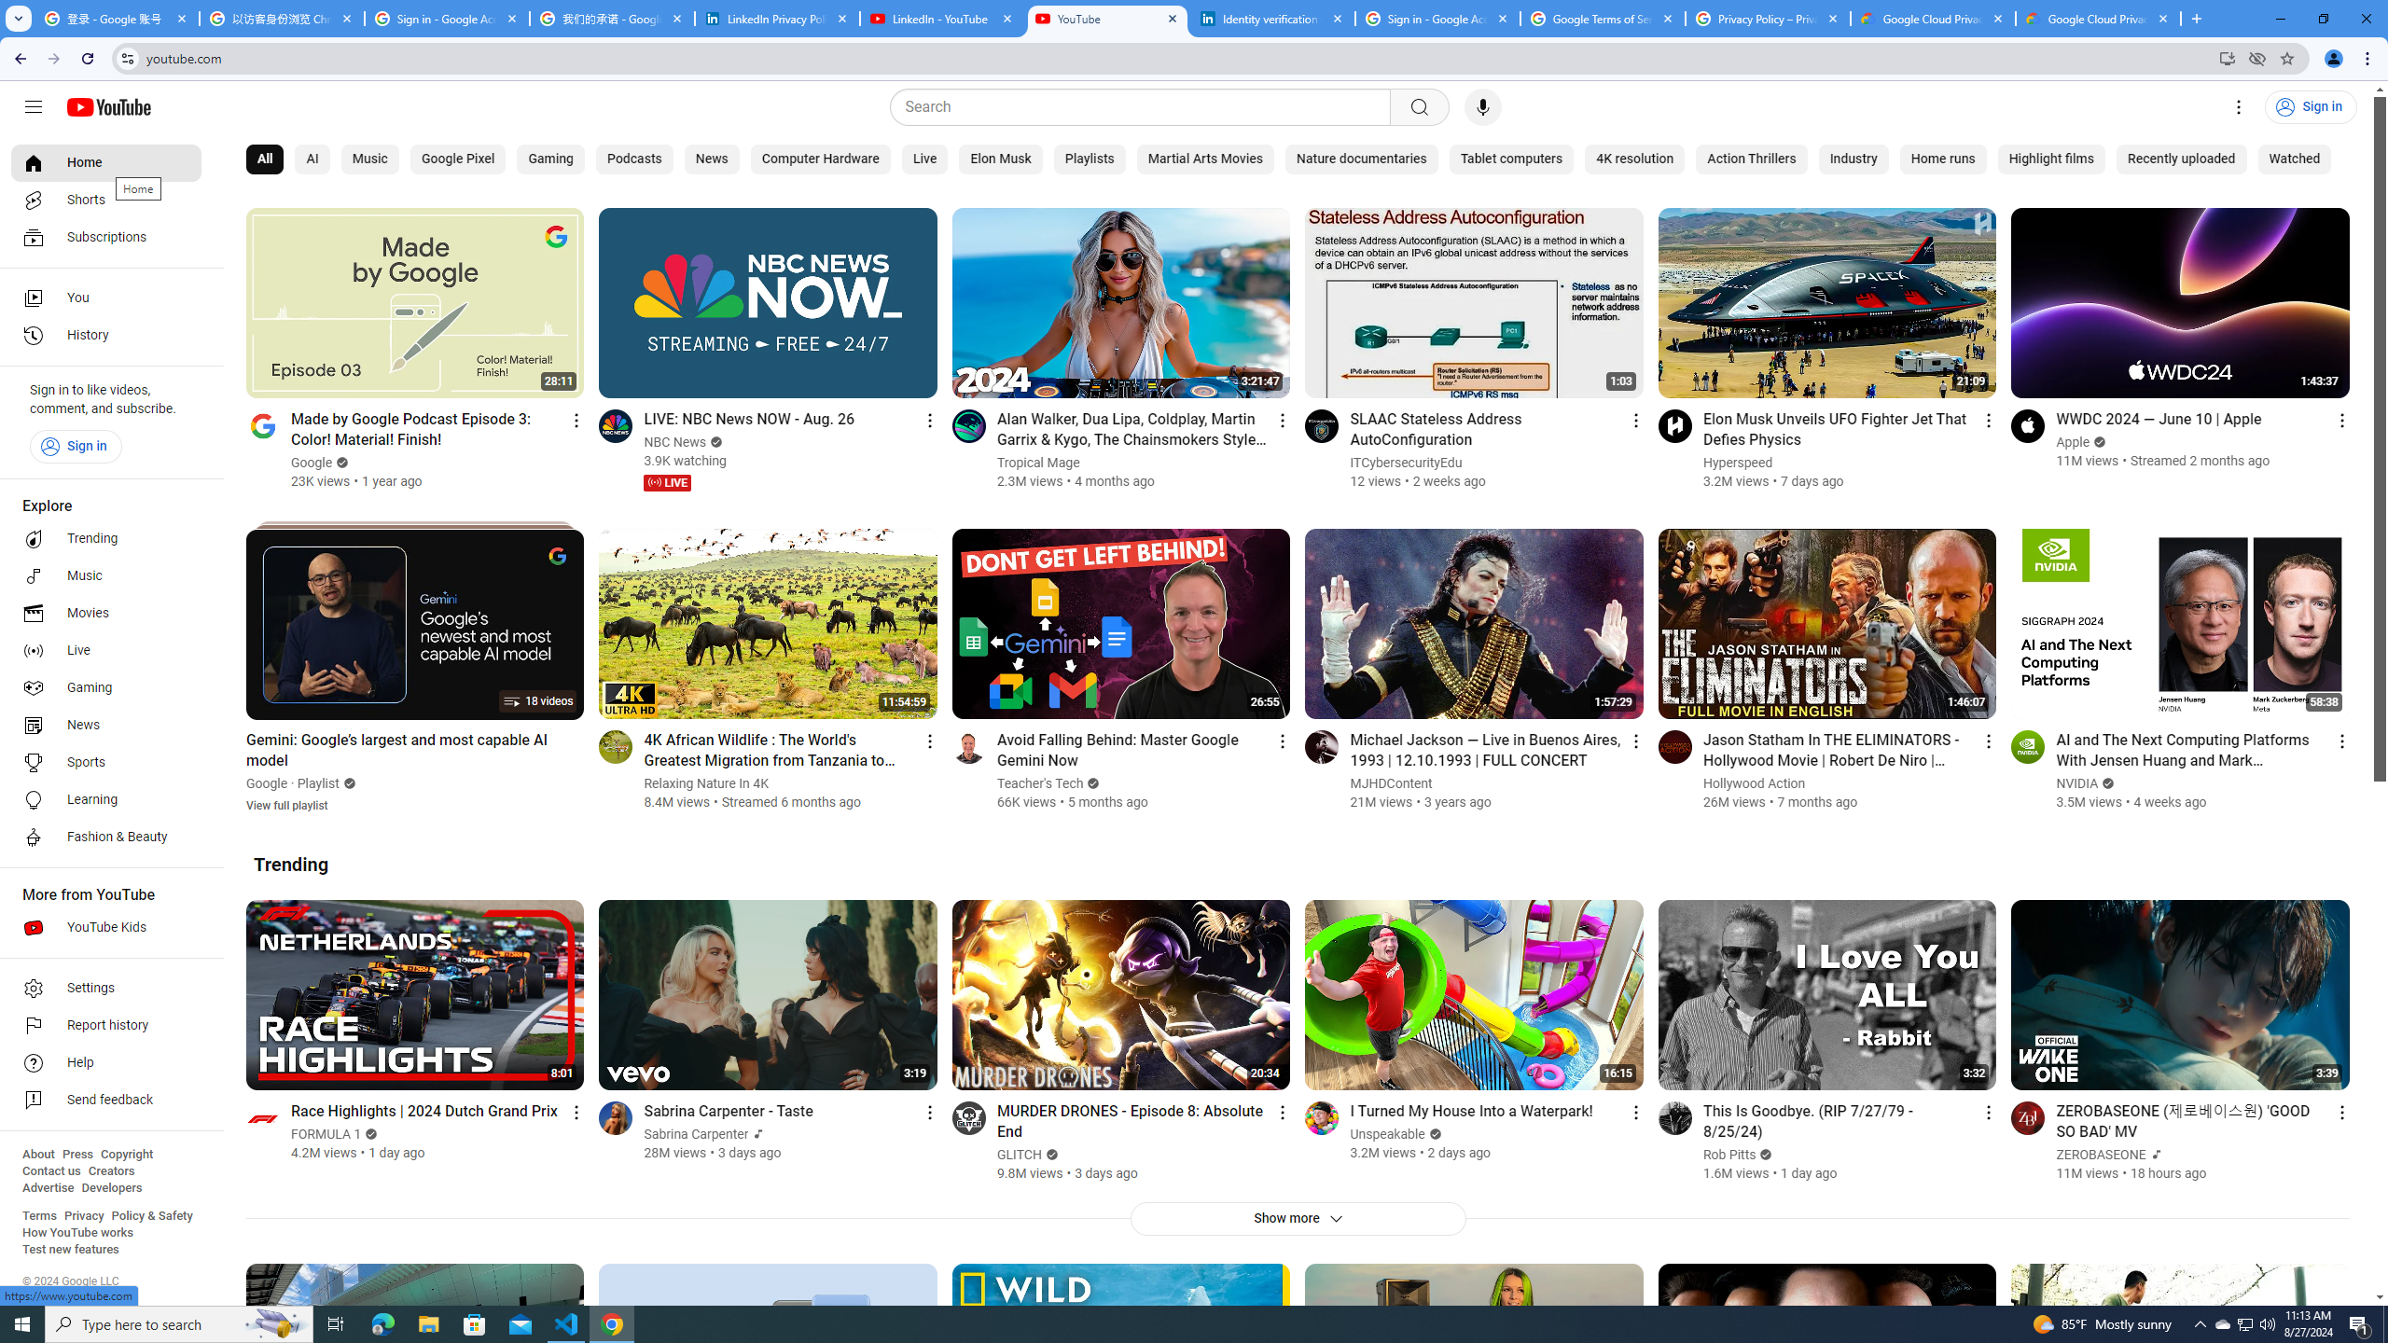  I want to click on 'ITCybersecurityEdu', so click(1406, 462).